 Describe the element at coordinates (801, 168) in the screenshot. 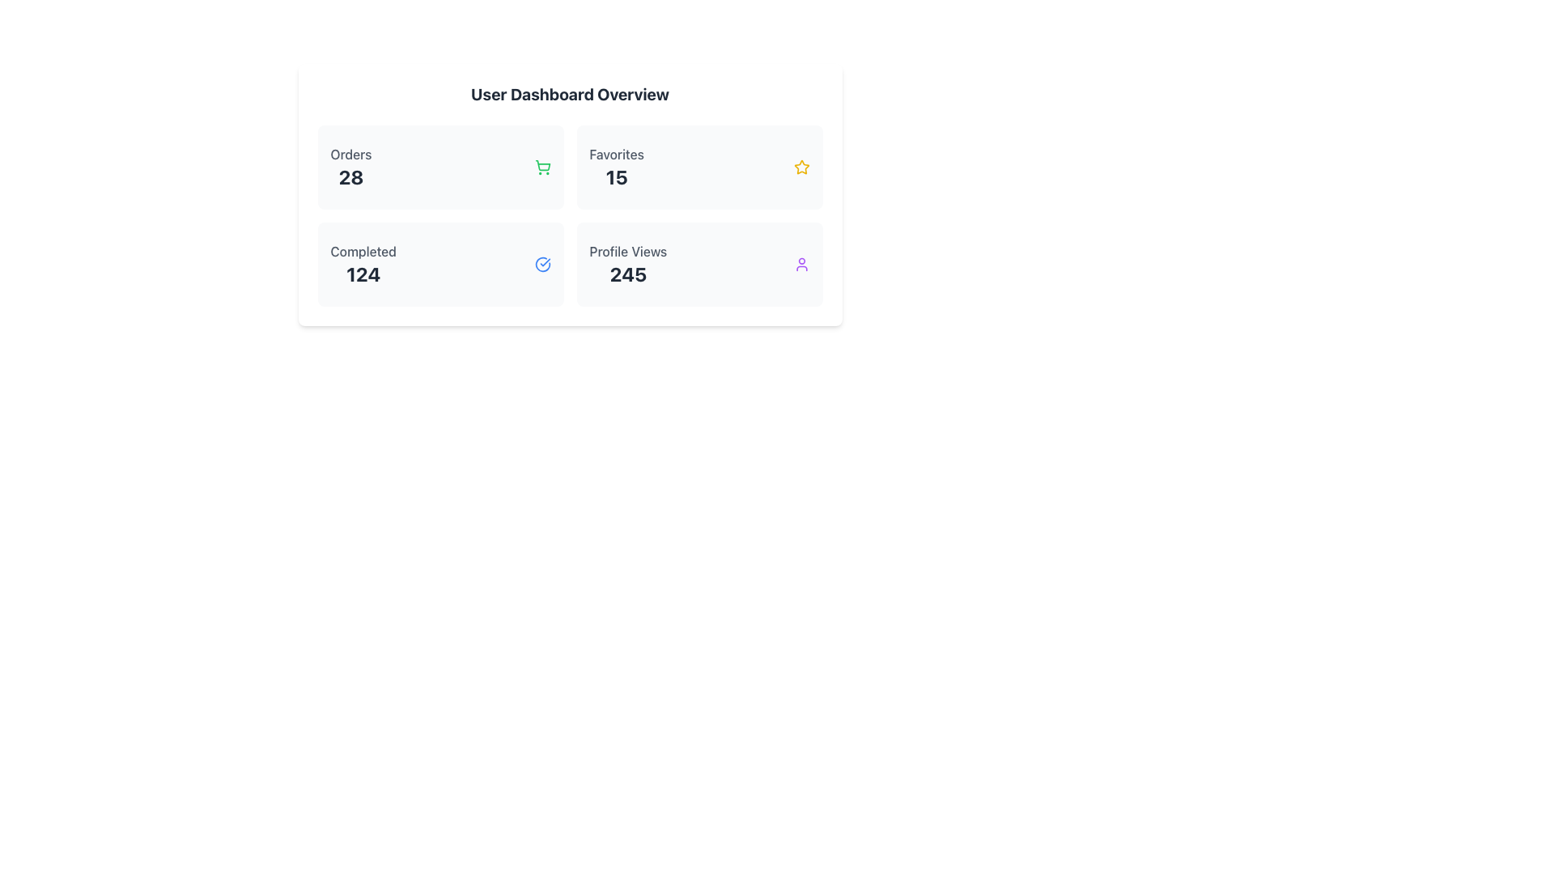

I see `the visual status of the favorites icon located on the right side of the 'Favorites' section in the top-right corner of the dashboard, adjacent to the 'Favorites' text and the number count '15'` at that location.